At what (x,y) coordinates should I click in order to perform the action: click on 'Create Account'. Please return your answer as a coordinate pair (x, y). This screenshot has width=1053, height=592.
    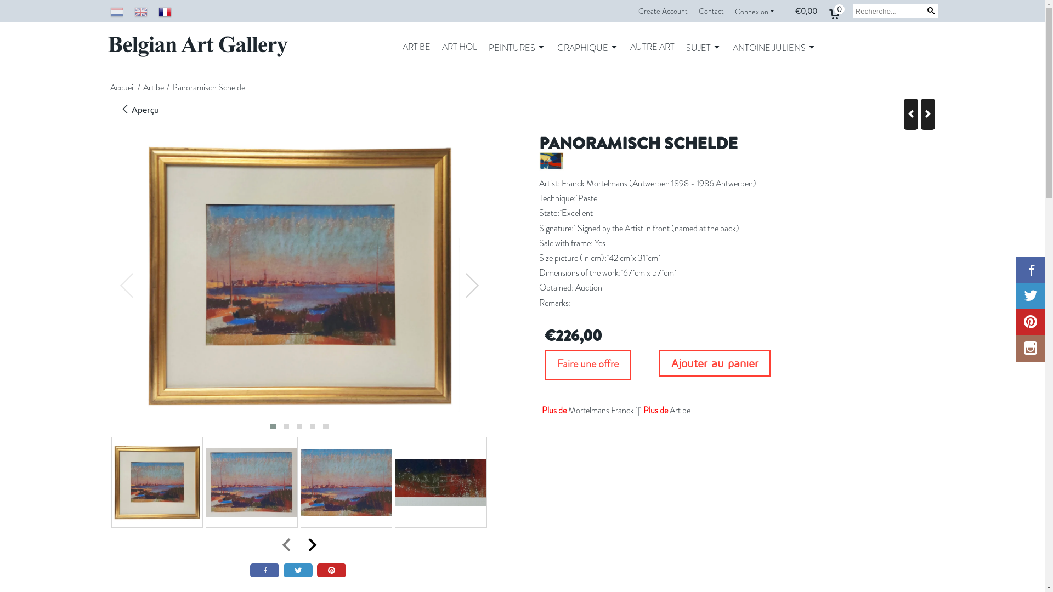
    Looking at the image, I should click on (663, 10).